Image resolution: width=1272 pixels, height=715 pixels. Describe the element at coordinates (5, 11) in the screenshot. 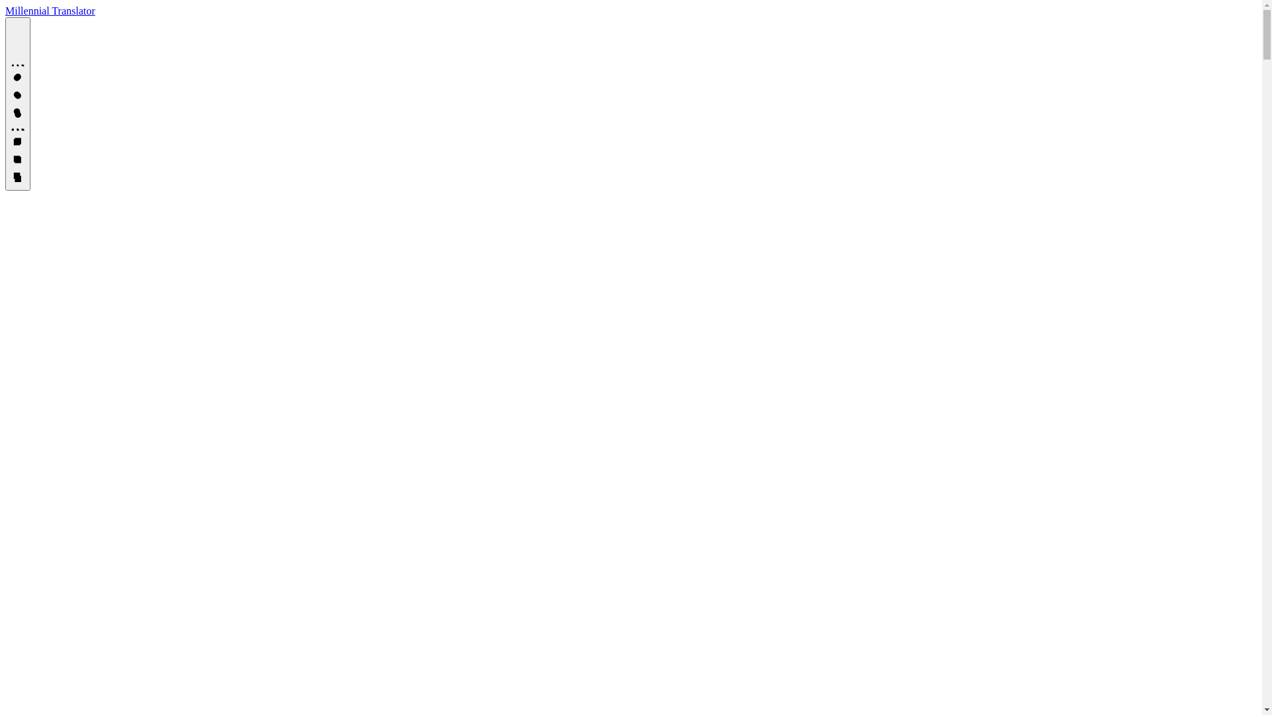

I see `'Millennial Translator'` at that location.